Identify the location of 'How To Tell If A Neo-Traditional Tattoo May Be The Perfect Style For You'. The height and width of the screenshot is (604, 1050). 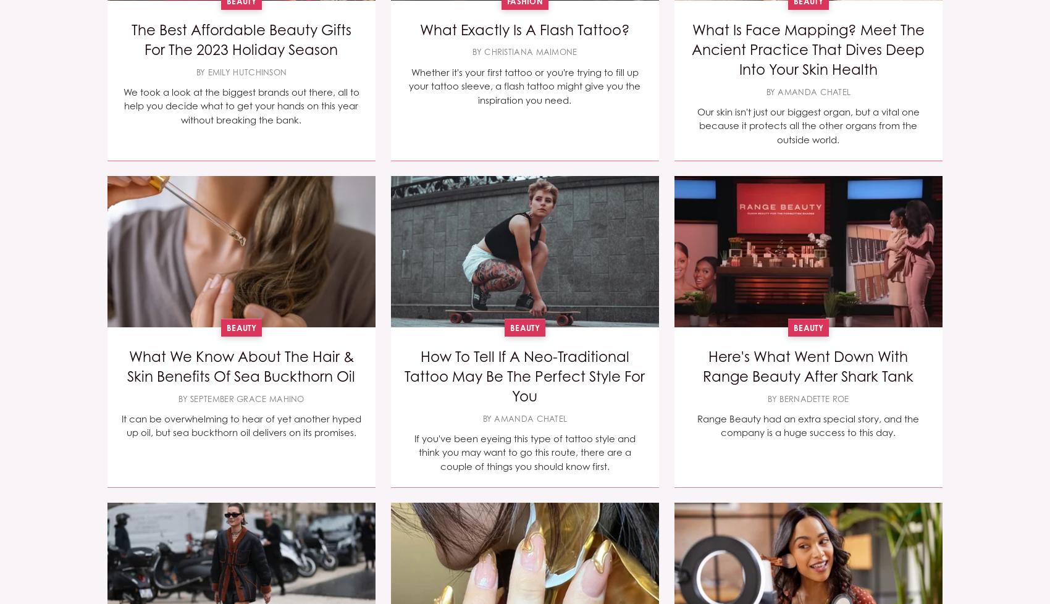
(524, 375).